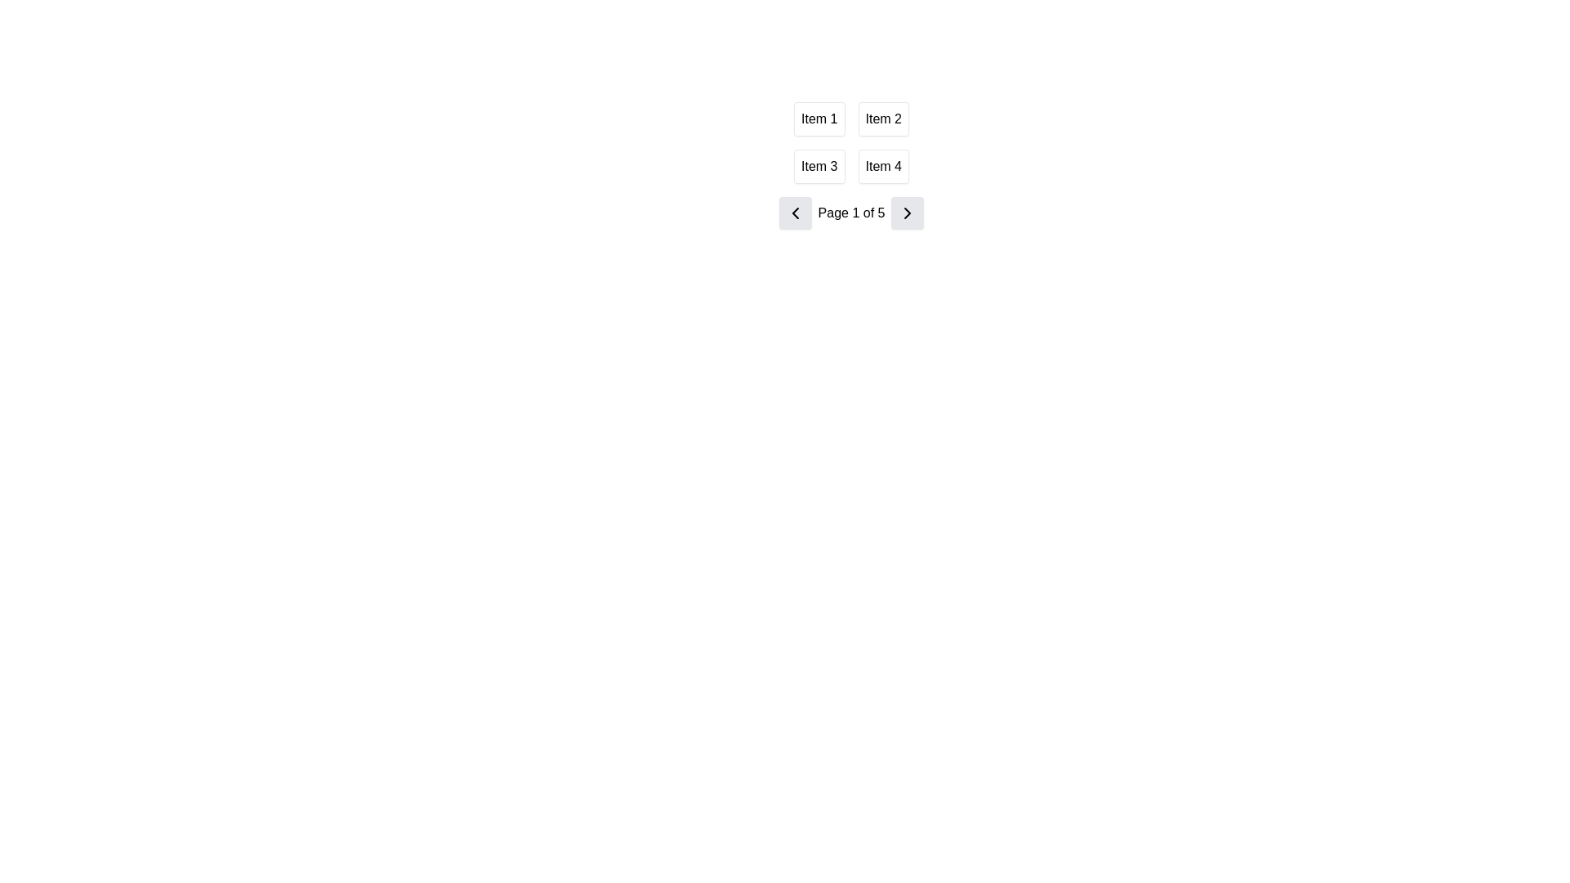 The height and width of the screenshot is (883, 1570). What do you see at coordinates (819, 167) in the screenshot?
I see `the rectangular button labeled 'Item 3' located in the bottom-left cell of the grid` at bounding box center [819, 167].